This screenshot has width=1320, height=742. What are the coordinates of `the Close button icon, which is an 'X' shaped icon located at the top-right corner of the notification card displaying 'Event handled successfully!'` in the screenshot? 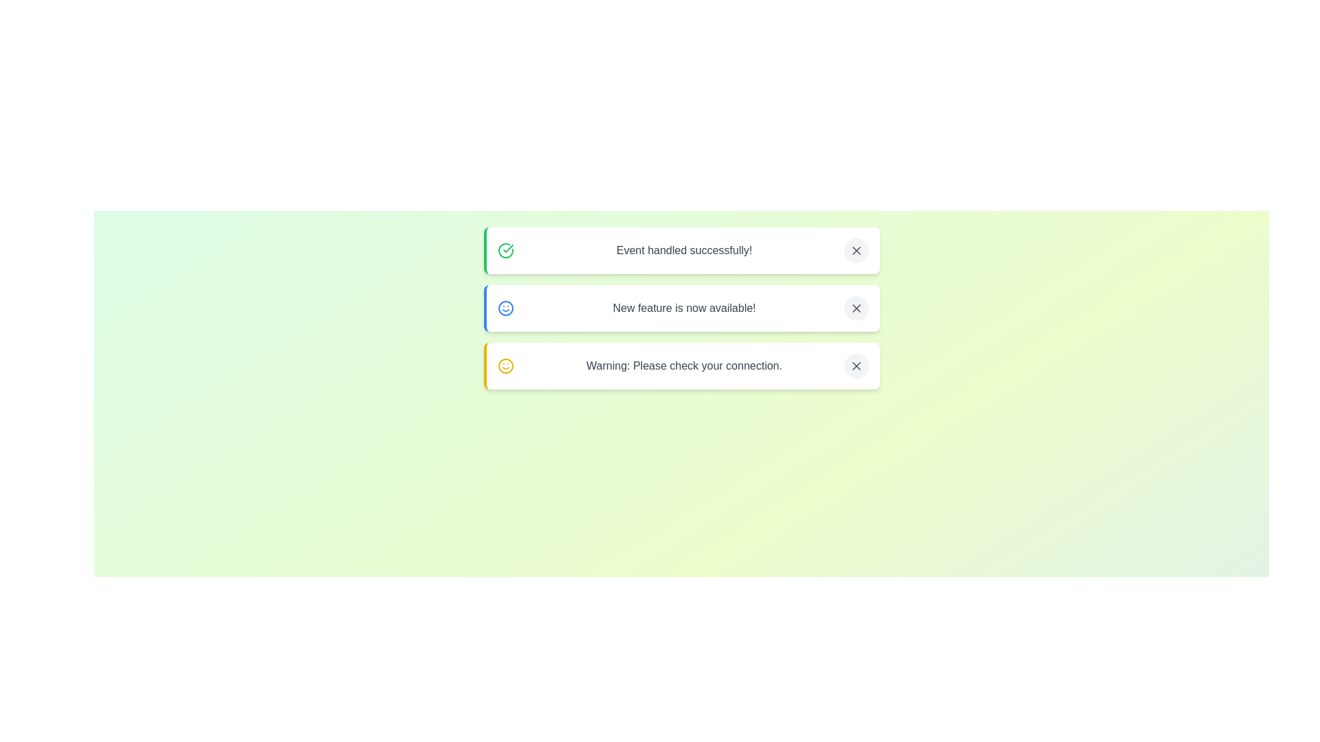 It's located at (855, 251).